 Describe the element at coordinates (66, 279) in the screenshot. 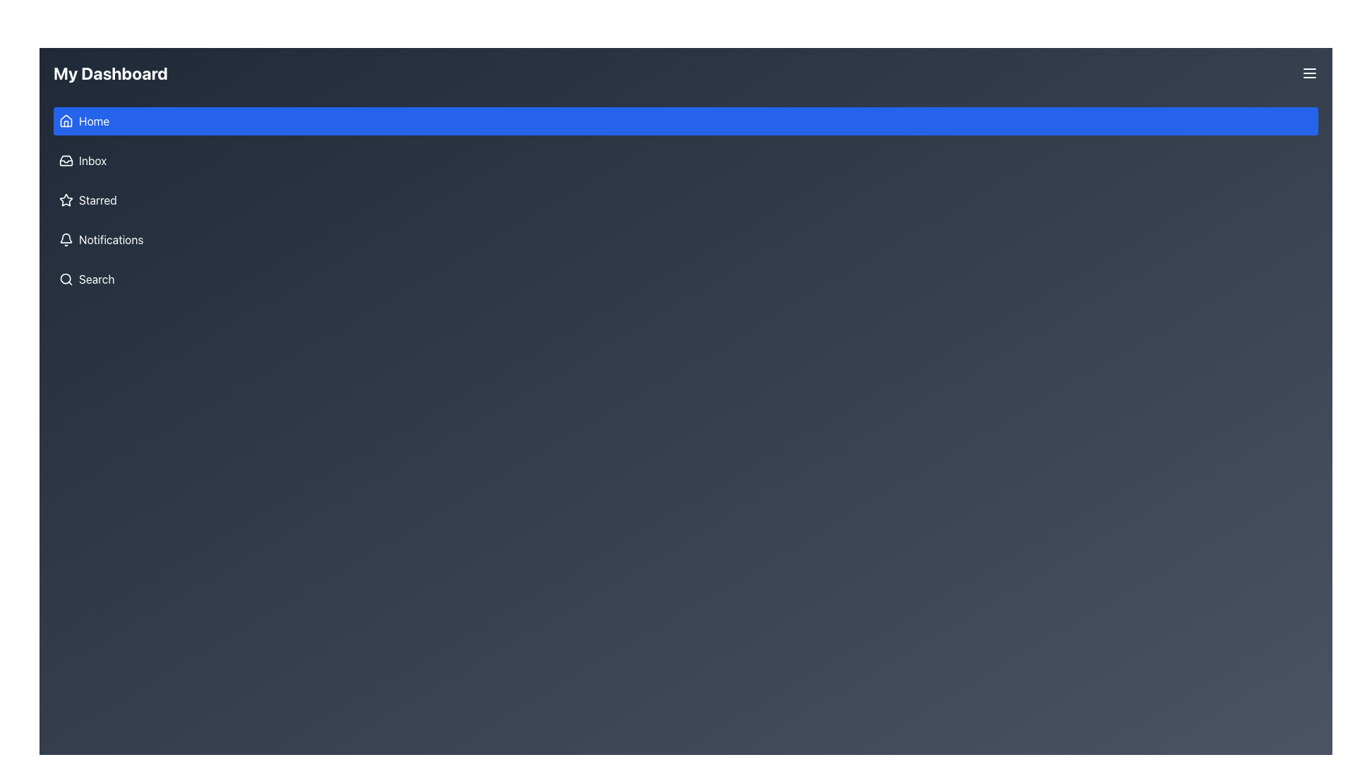

I see `the magnifying glass icon representing the search function, located in the vertical navigation menu next to the 'Search' text` at that location.